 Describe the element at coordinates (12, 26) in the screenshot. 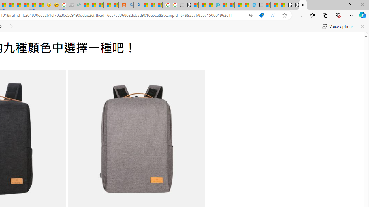

I see `'Read next paragraph'` at that location.